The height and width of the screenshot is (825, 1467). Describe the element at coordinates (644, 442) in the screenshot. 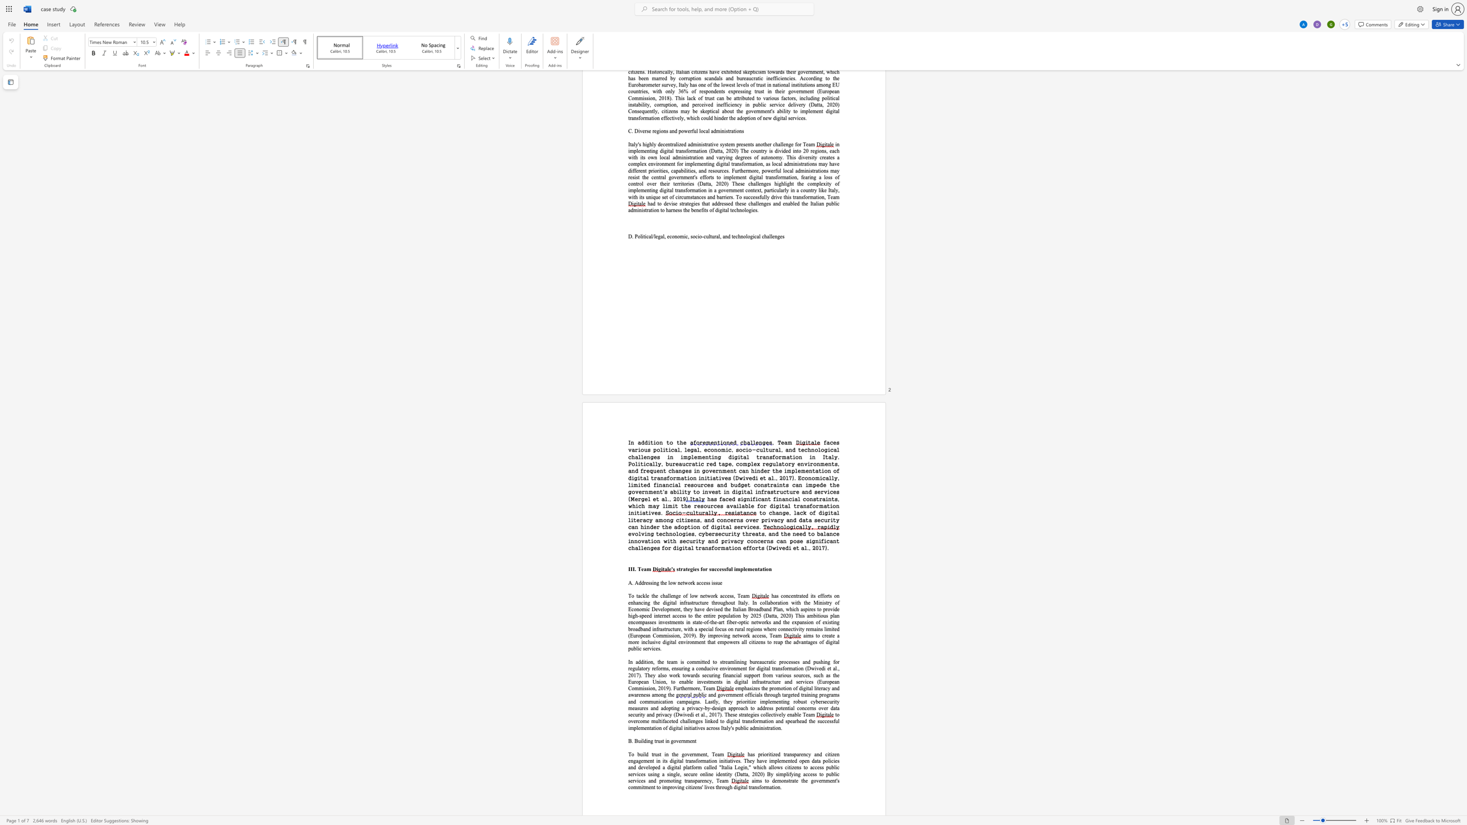

I see `the space between the continuous character "d" and "d" in the text` at that location.